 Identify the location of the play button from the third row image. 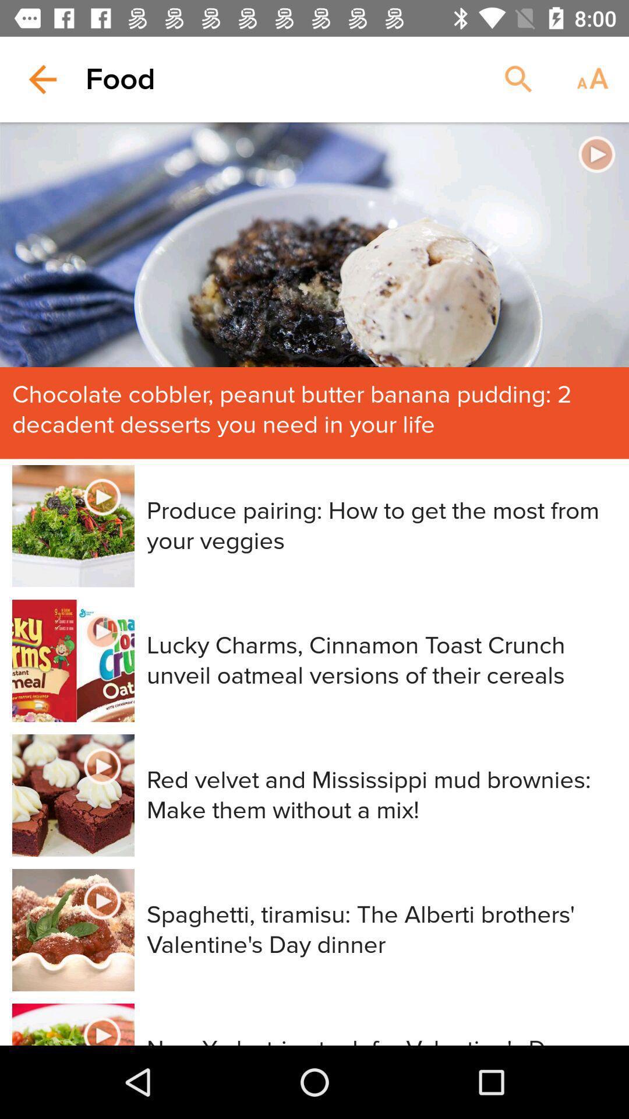
(102, 766).